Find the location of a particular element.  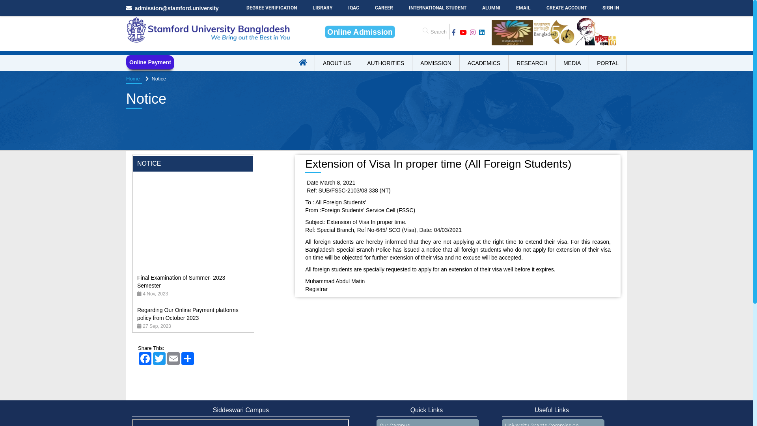

'ALUMNI' is located at coordinates (491, 7).